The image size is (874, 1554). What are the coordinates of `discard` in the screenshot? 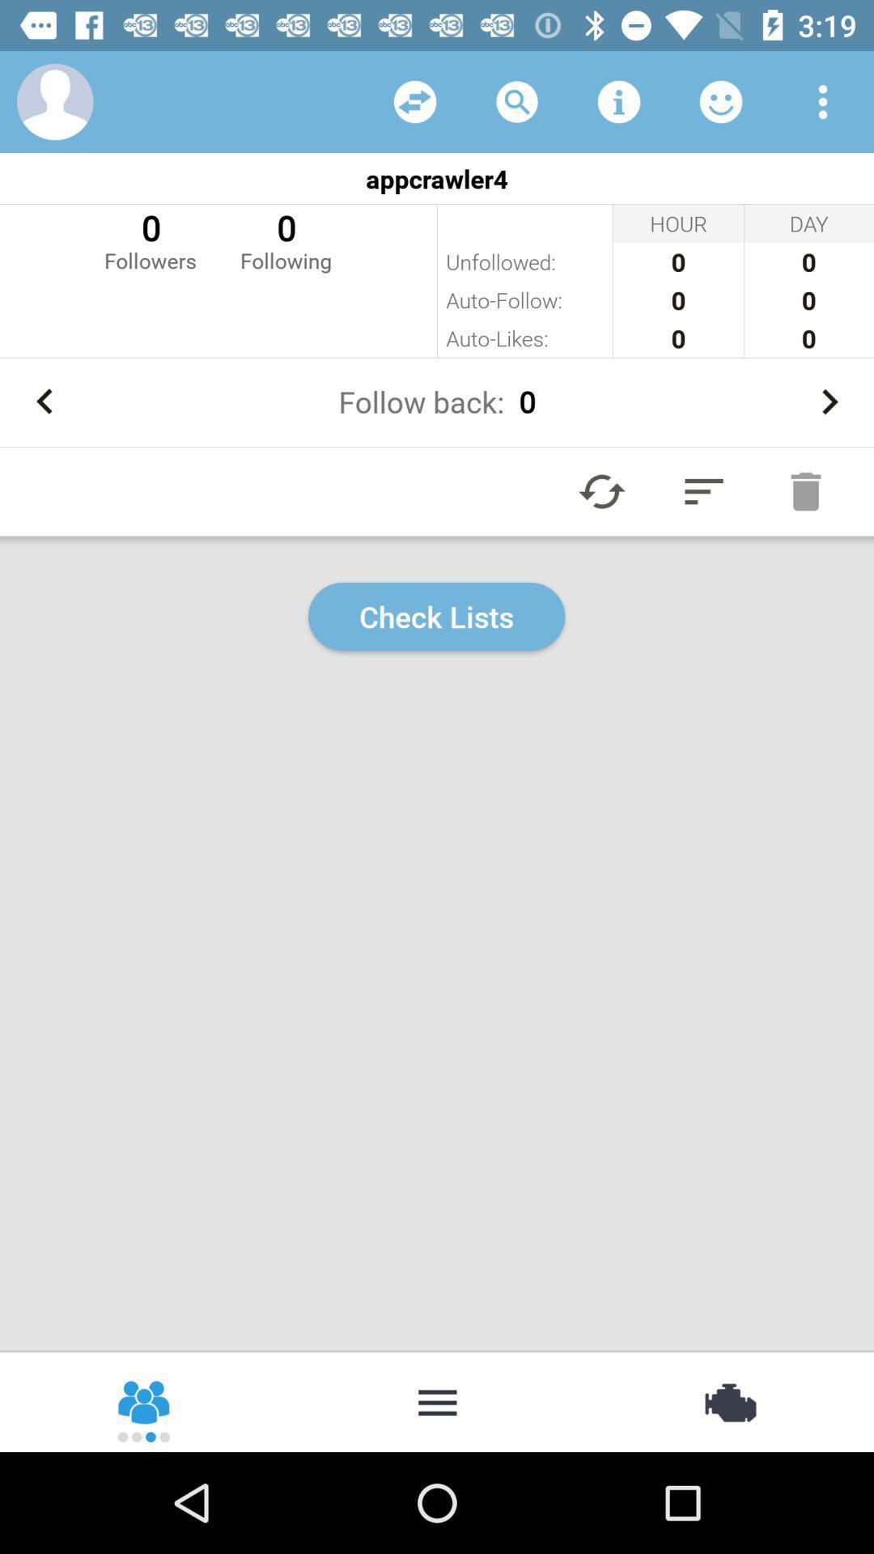 It's located at (805, 490).